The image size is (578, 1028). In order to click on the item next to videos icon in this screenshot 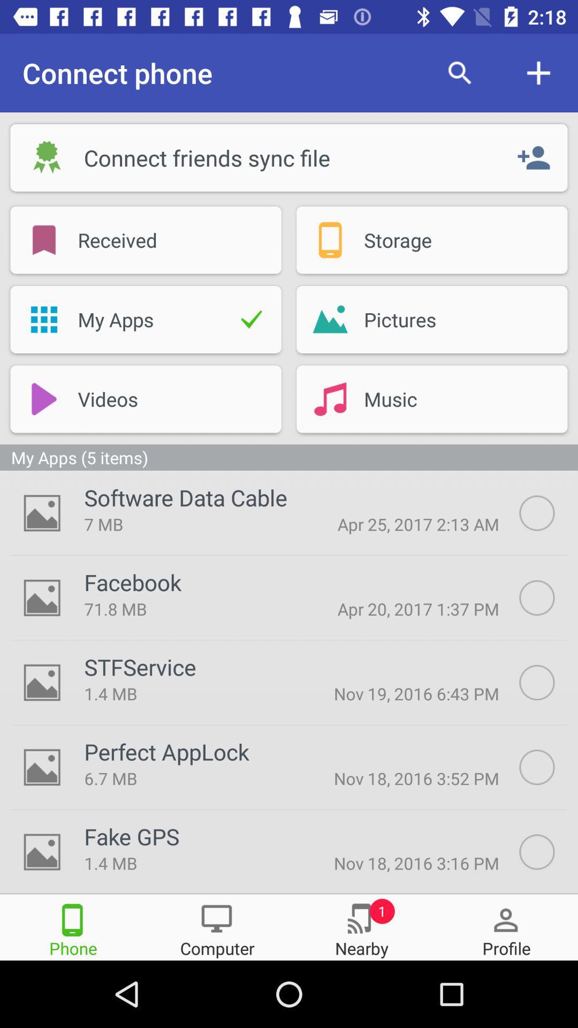, I will do `click(43, 398)`.